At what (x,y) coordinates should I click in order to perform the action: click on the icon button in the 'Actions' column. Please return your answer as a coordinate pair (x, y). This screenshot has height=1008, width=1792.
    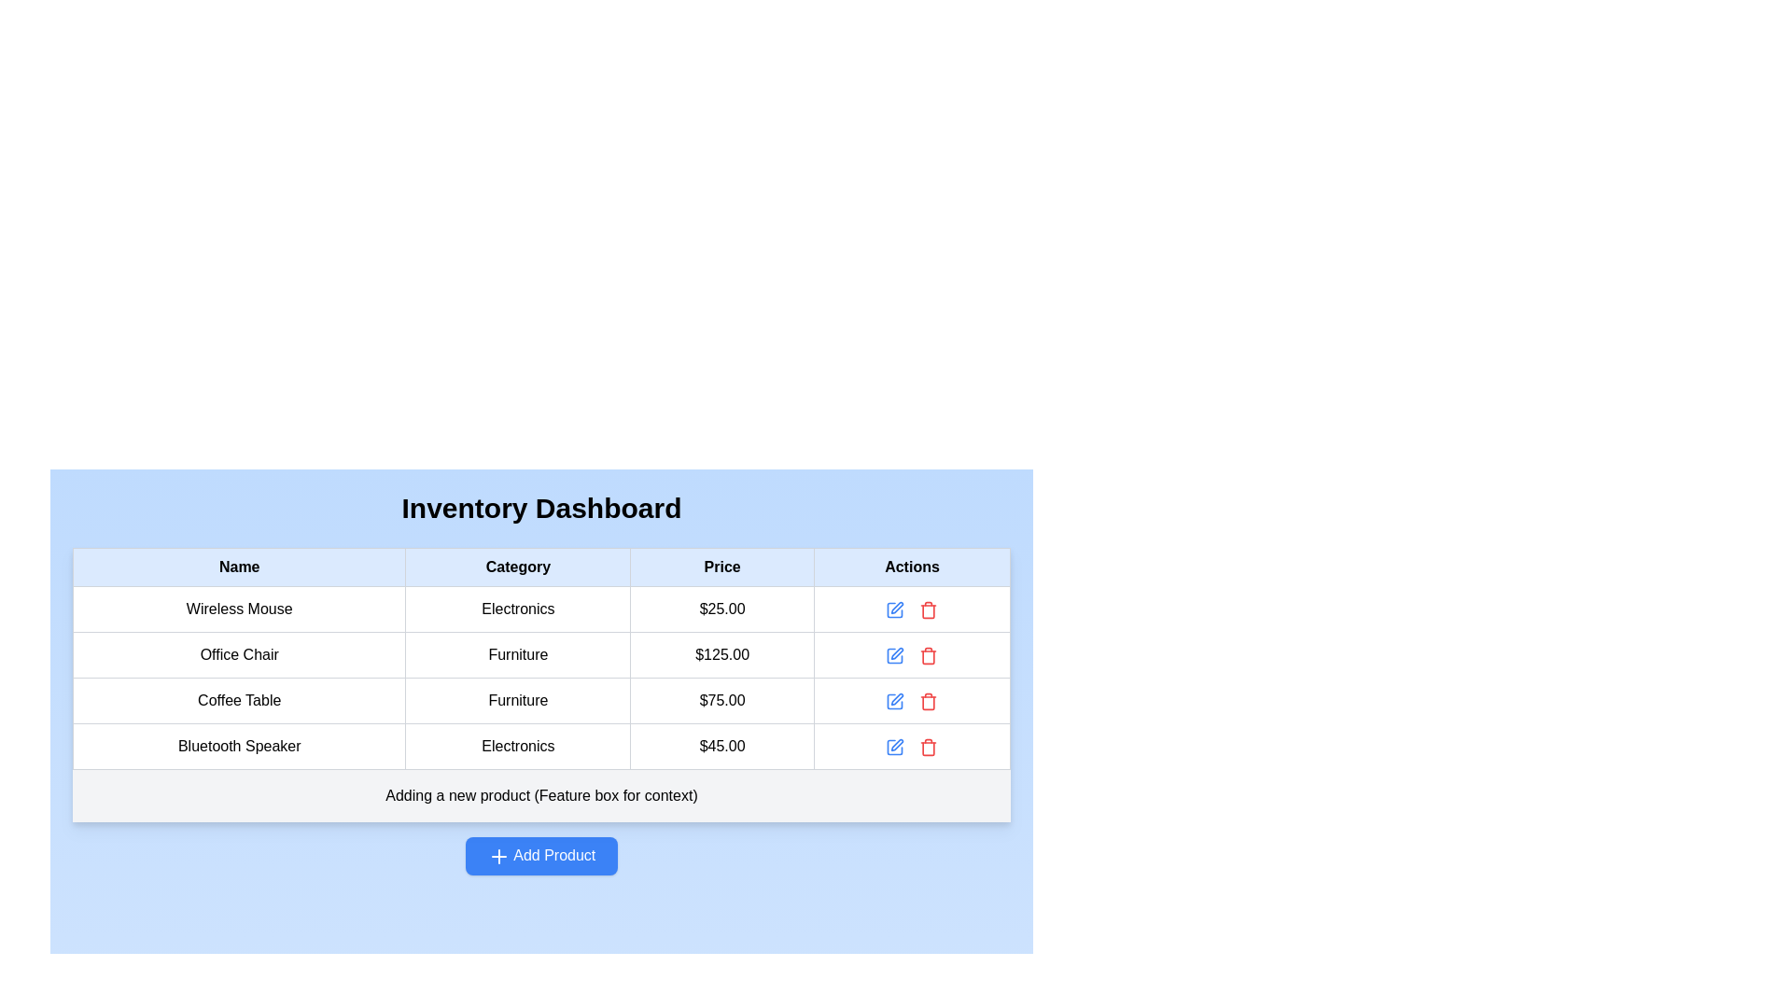
    Looking at the image, I should click on (894, 609).